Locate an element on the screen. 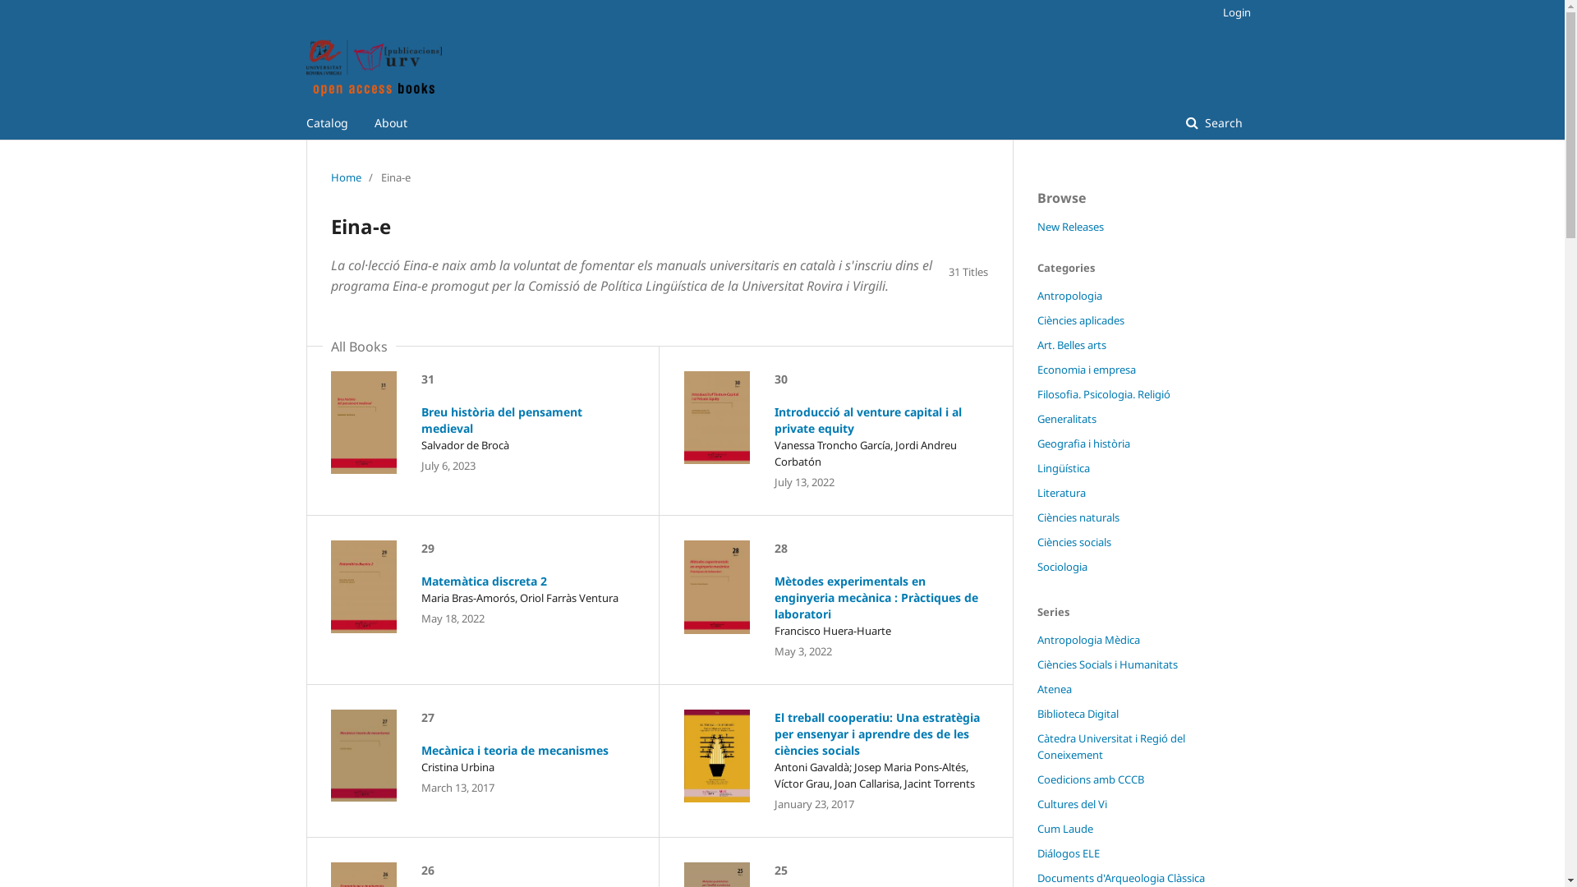 The width and height of the screenshot is (1577, 887). 'Cultures del Vi' is located at coordinates (1071, 803).